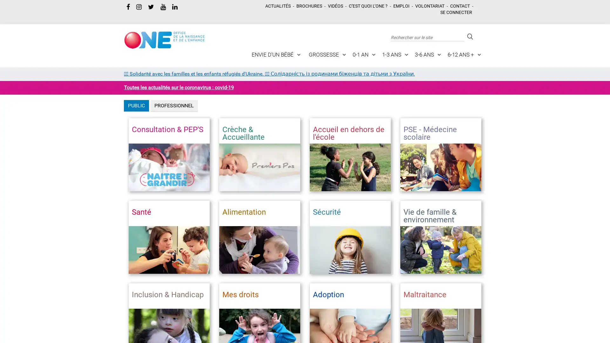 The width and height of the screenshot is (610, 343). What do you see at coordinates (469, 37) in the screenshot?
I see `Rechercher sur le site` at bounding box center [469, 37].